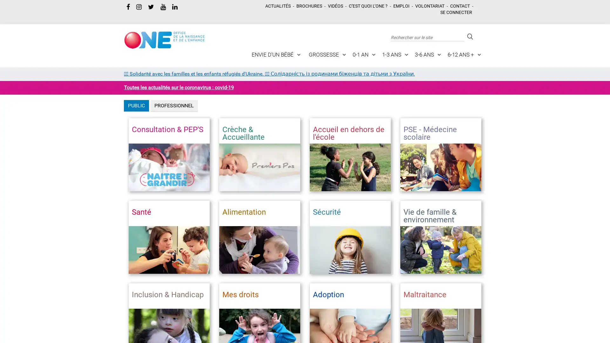 The width and height of the screenshot is (610, 343). What do you see at coordinates (469, 37) in the screenshot?
I see `Rechercher sur le site` at bounding box center [469, 37].